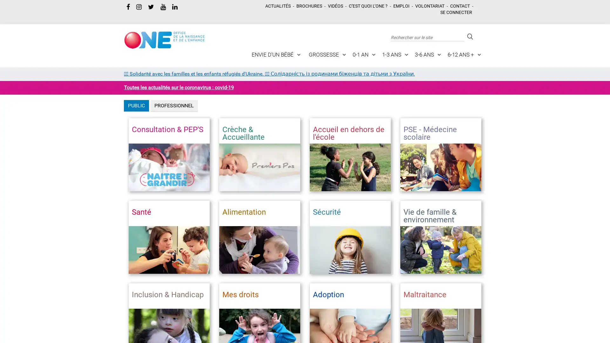 The width and height of the screenshot is (610, 343). What do you see at coordinates (469, 37) in the screenshot?
I see `Rechercher sur le site` at bounding box center [469, 37].